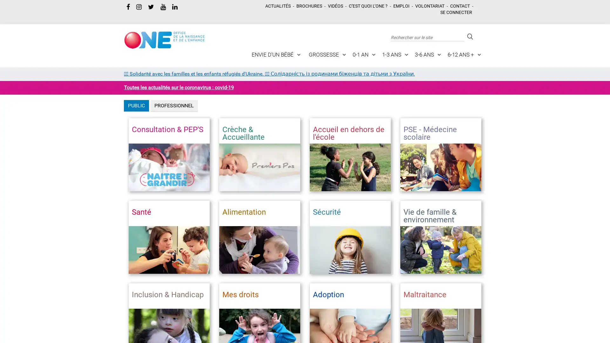 The width and height of the screenshot is (610, 343). What do you see at coordinates (469, 37) in the screenshot?
I see `Rechercher sur le site` at bounding box center [469, 37].